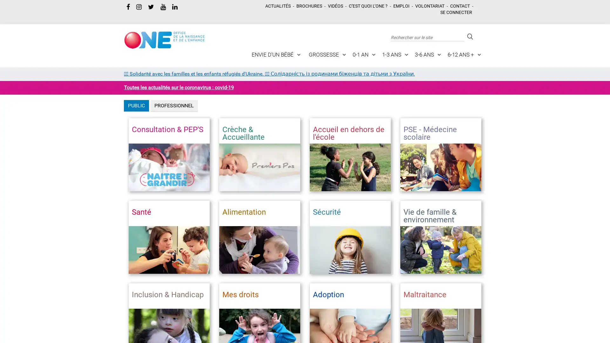 The width and height of the screenshot is (610, 343). What do you see at coordinates (469, 37) in the screenshot?
I see `Rechercher sur le site` at bounding box center [469, 37].